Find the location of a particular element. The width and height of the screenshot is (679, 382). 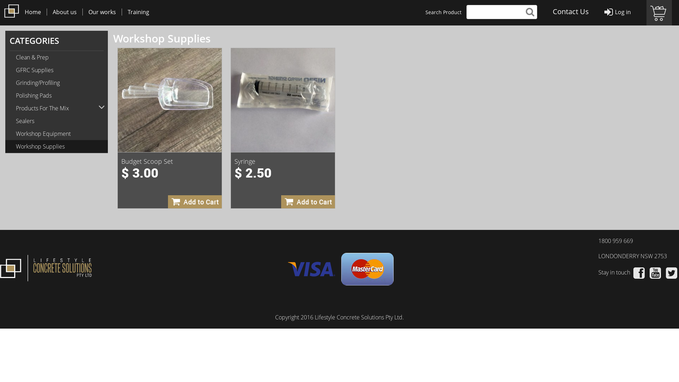

'Products For The Mix' is located at coordinates (56, 108).